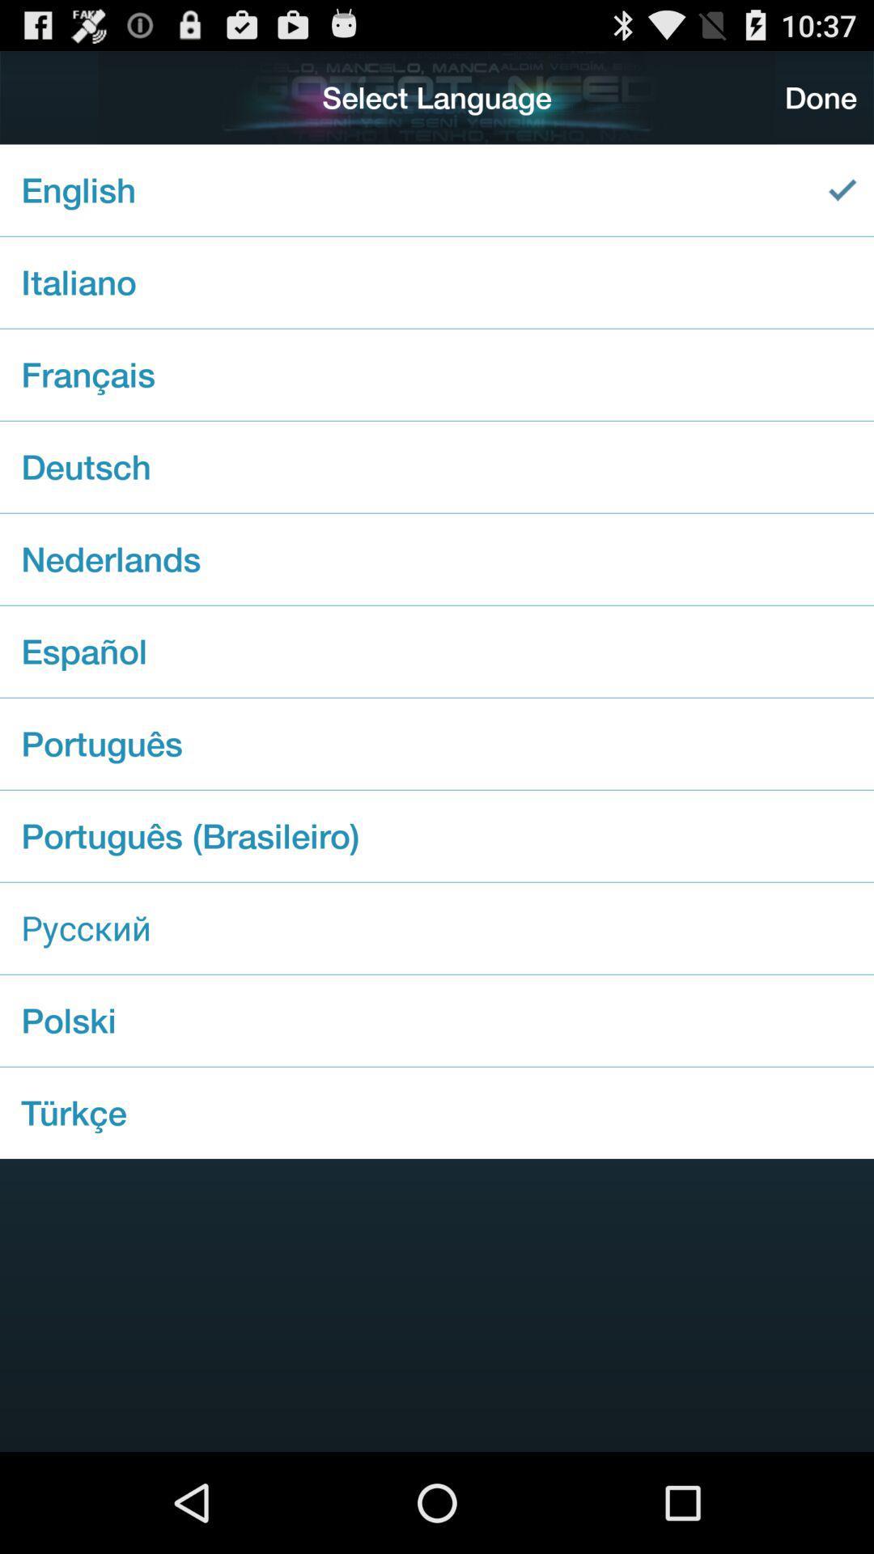 The width and height of the screenshot is (874, 1554). What do you see at coordinates (437, 559) in the screenshot?
I see `nederlands item` at bounding box center [437, 559].